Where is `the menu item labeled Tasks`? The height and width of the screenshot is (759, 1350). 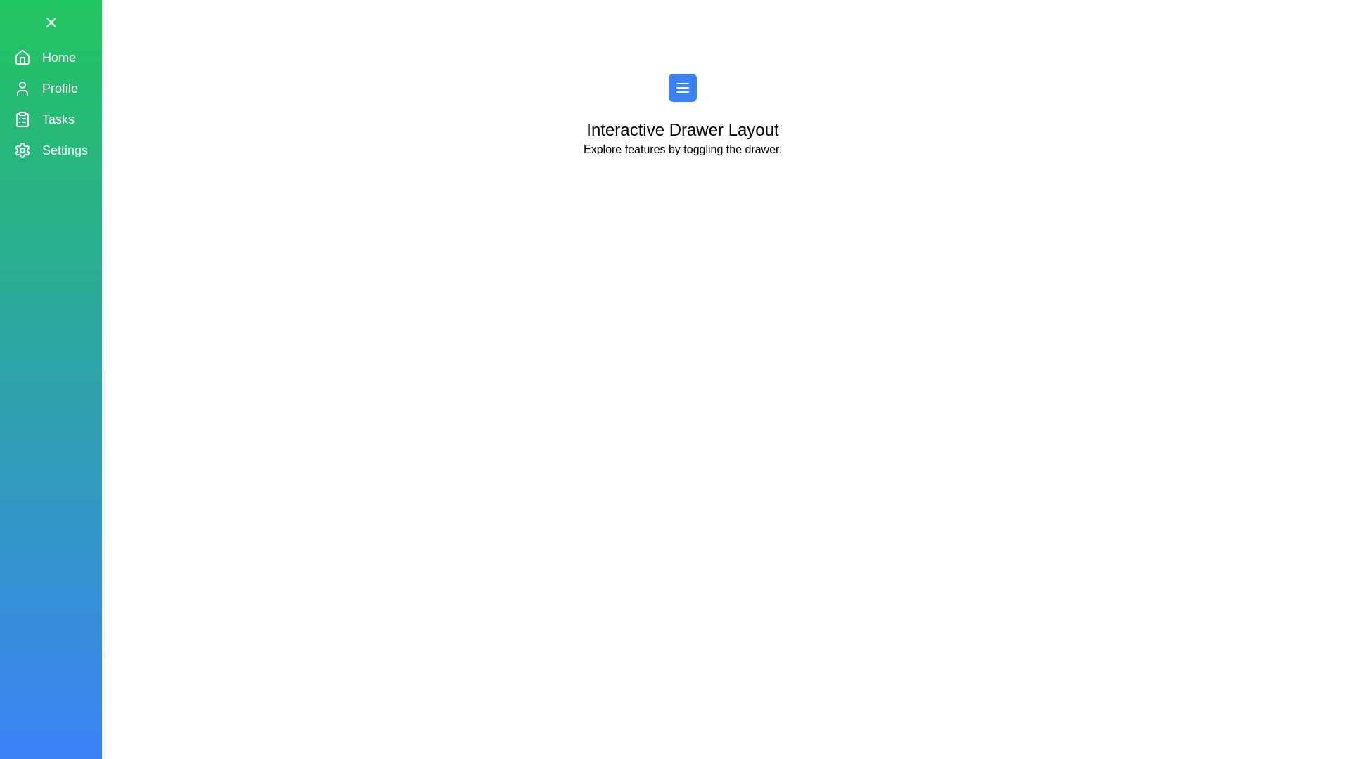
the menu item labeled Tasks is located at coordinates (51, 118).